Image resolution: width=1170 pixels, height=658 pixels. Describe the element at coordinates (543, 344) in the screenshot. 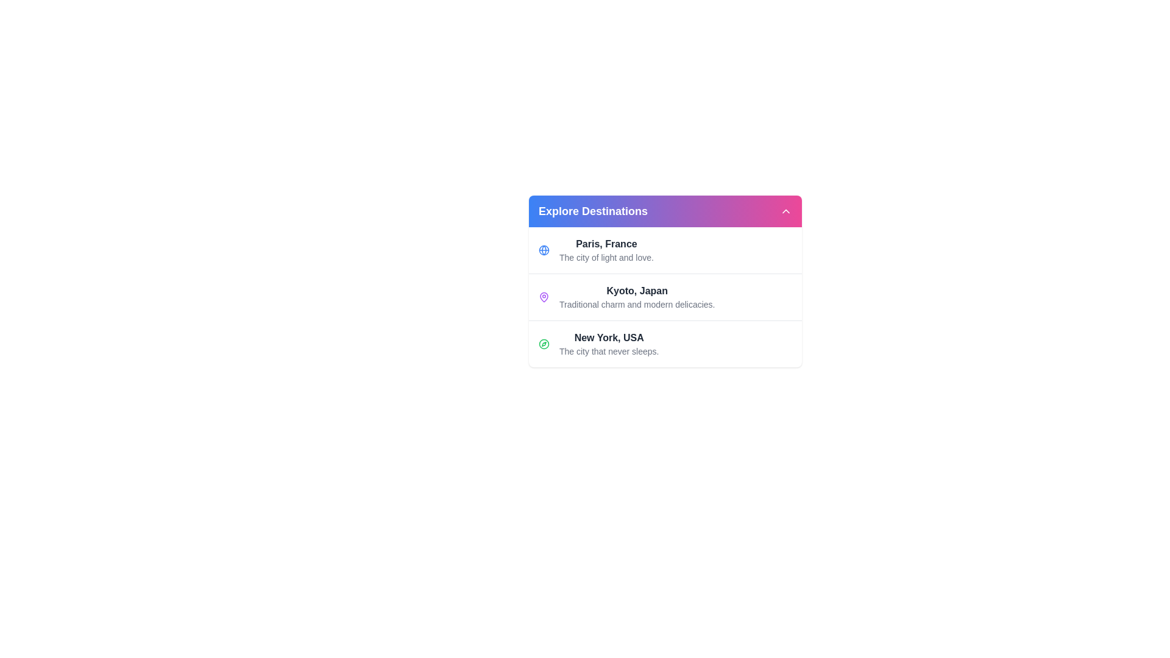

I see `the compass icon located to the left of the 'New York, USA' text in the third row of destinations` at that location.